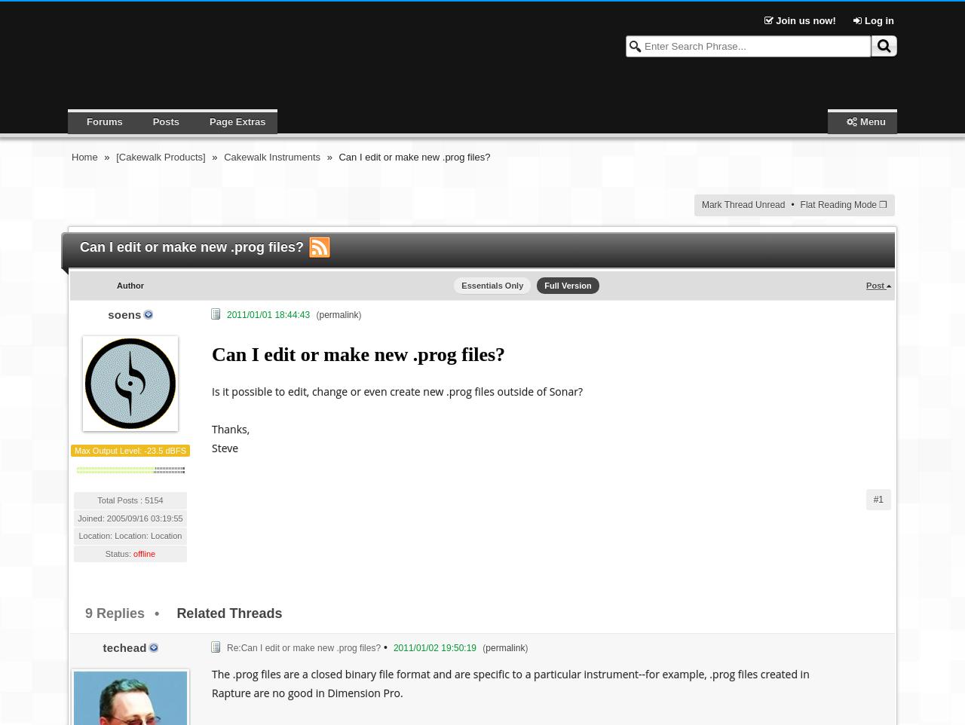 Image resolution: width=965 pixels, height=725 pixels. I want to click on 'Re:Can I edit or make new .prog files?', so click(302, 648).